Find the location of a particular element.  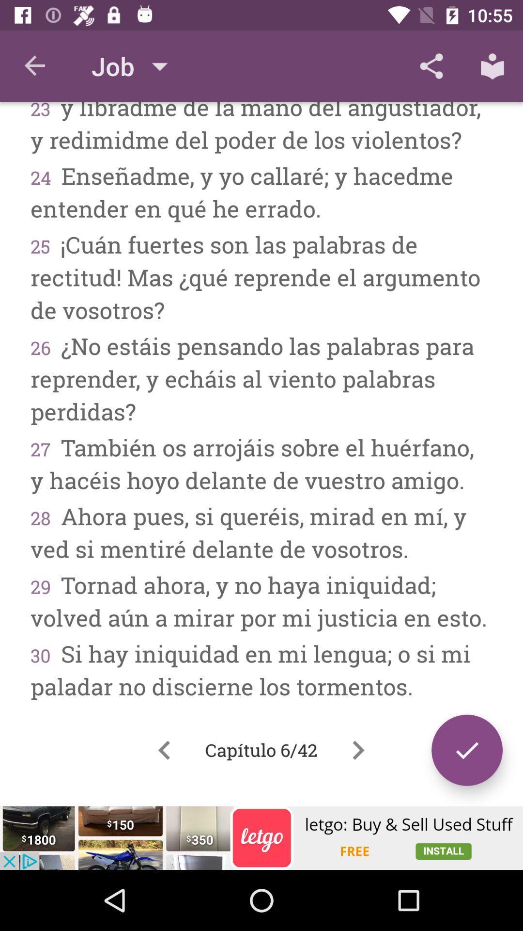

item at the bottom left corner is located at coordinates (164, 750).